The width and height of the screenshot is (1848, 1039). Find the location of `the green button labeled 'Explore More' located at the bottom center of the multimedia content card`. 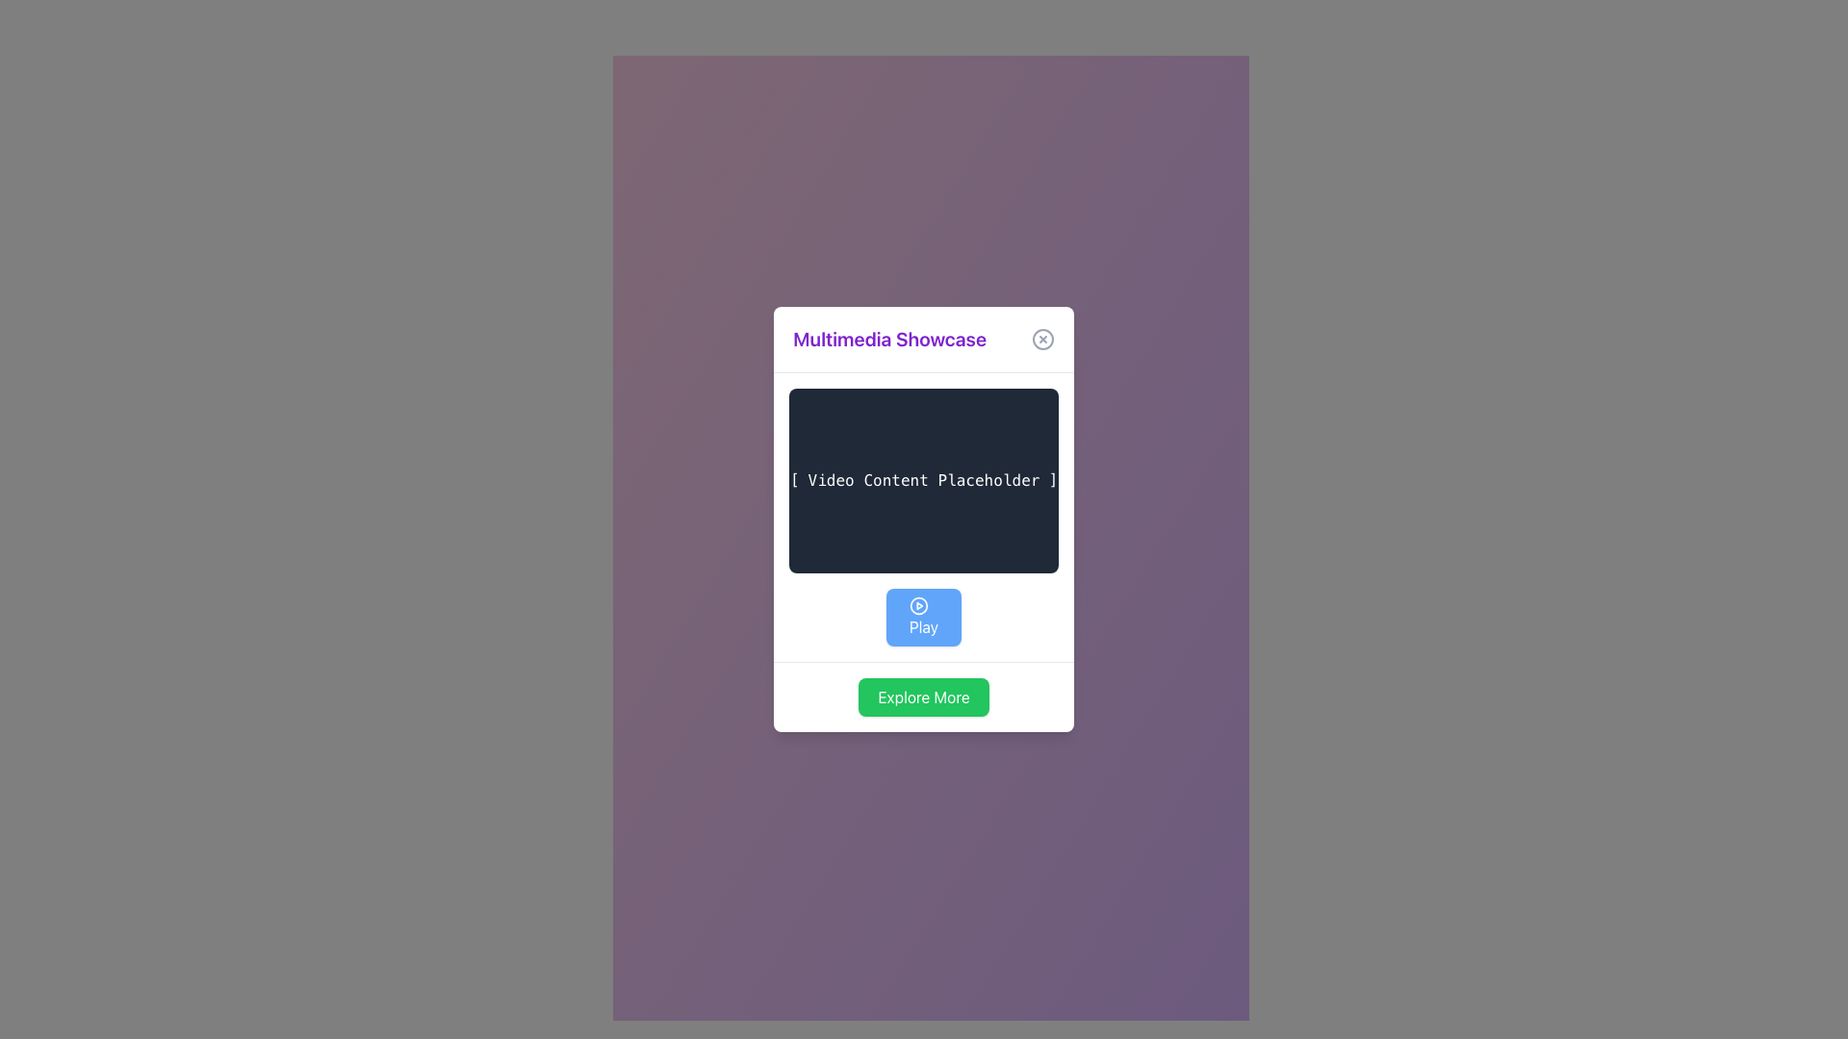

the green button labeled 'Explore More' located at the bottom center of the multimedia content card is located at coordinates (924, 697).